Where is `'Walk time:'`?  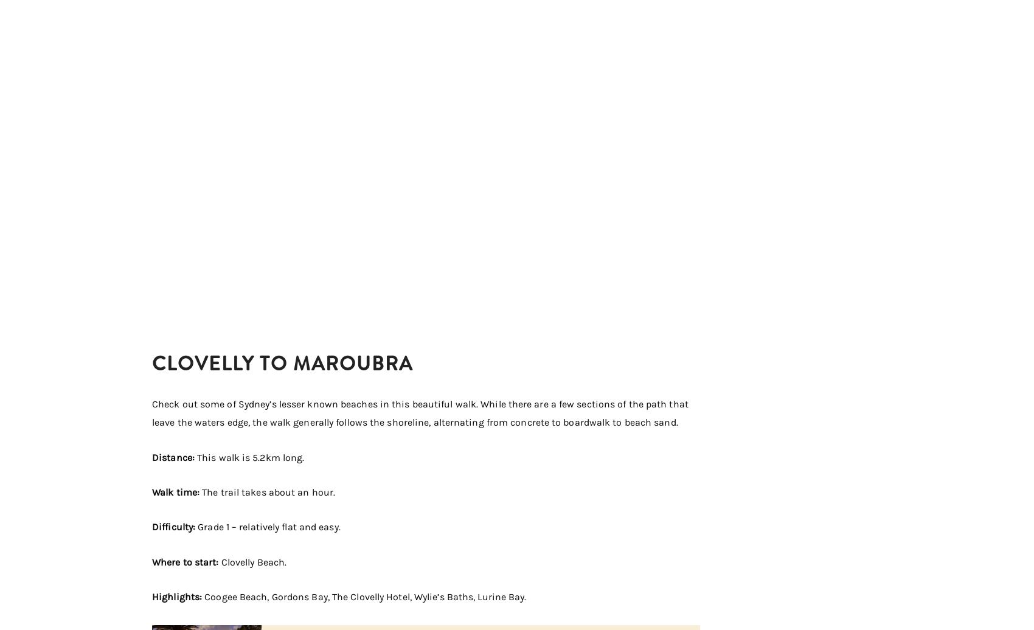 'Walk time:' is located at coordinates (177, 492).